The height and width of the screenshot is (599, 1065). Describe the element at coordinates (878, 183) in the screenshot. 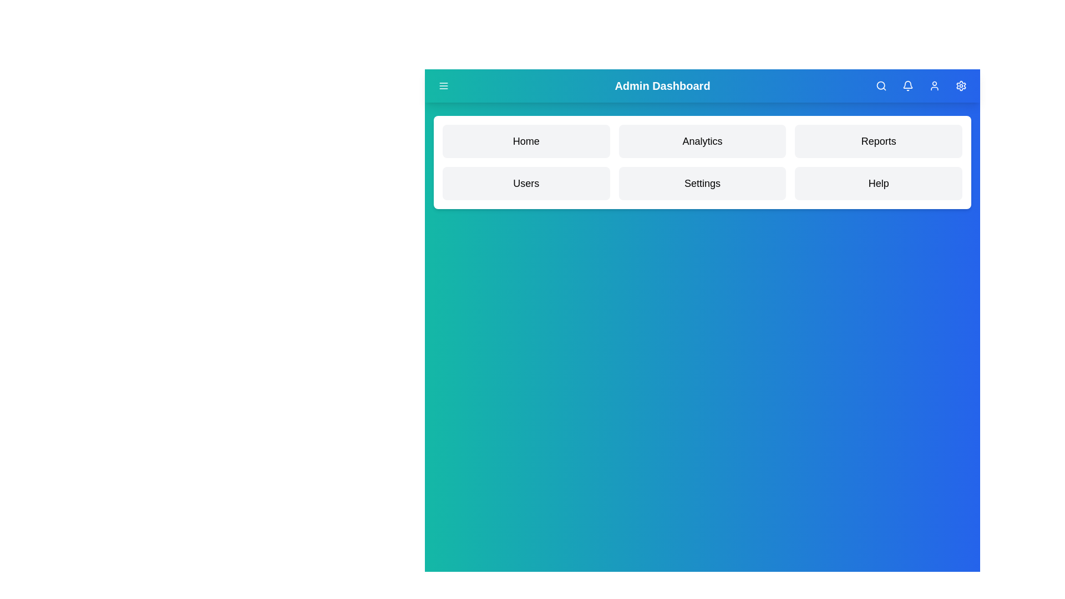

I see `the menu item Help to navigate to its section` at that location.